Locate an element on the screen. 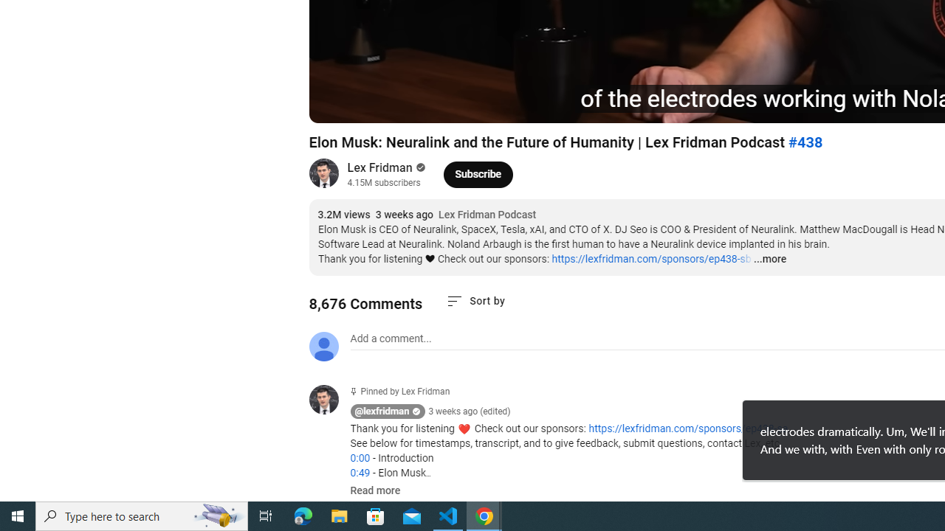  'Verified' is located at coordinates (418, 167).